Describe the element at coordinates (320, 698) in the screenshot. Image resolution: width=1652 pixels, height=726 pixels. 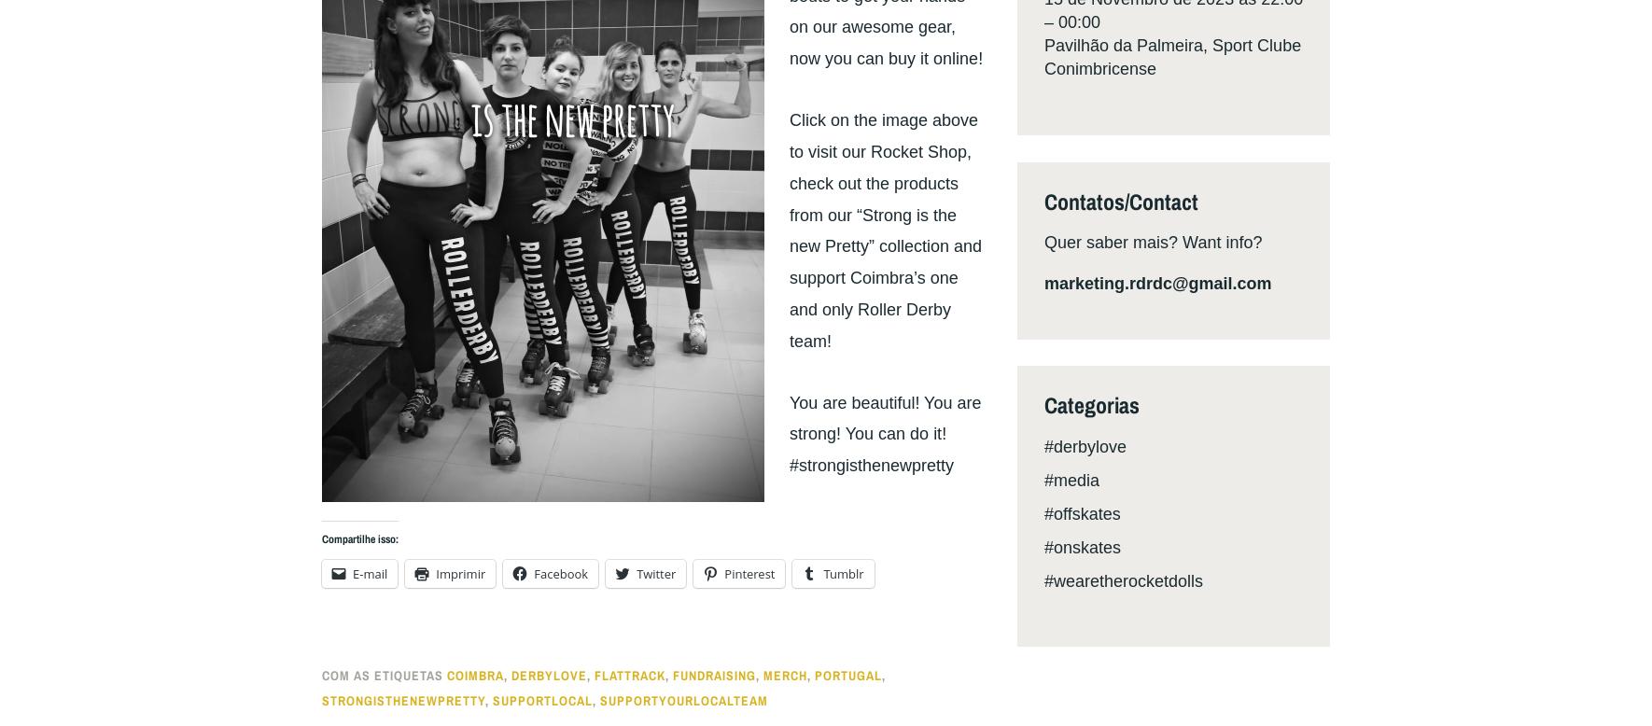
I see `'strongisthenewpretty'` at that location.